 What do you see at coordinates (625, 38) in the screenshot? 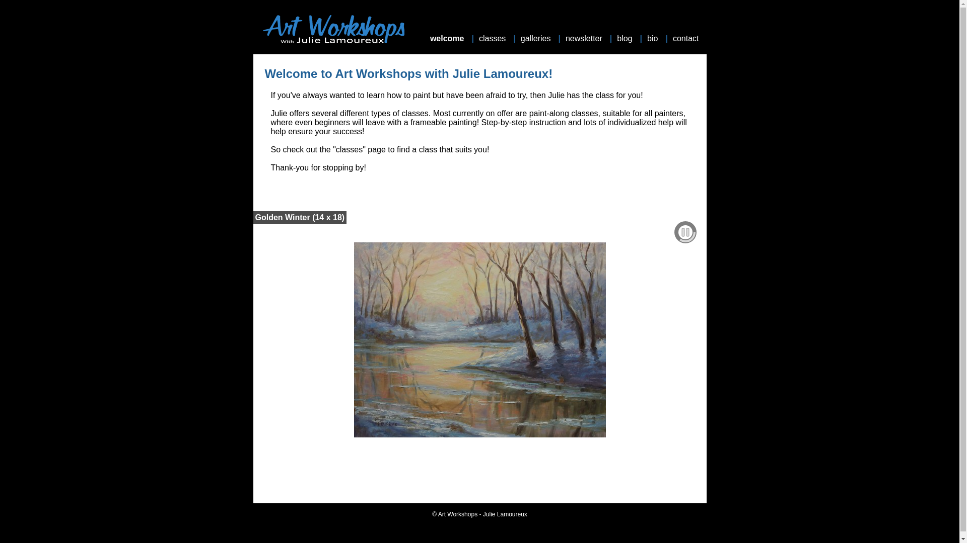
I see `'blog'` at bounding box center [625, 38].